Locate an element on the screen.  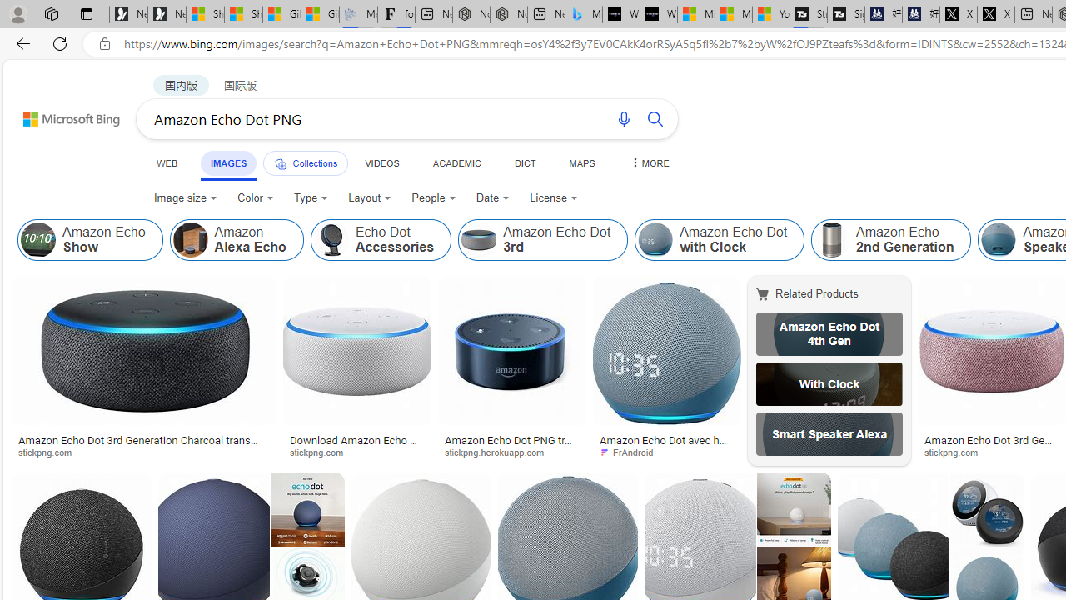
'Image result for Amazon Echo Dot PNG' is located at coordinates (992, 350).